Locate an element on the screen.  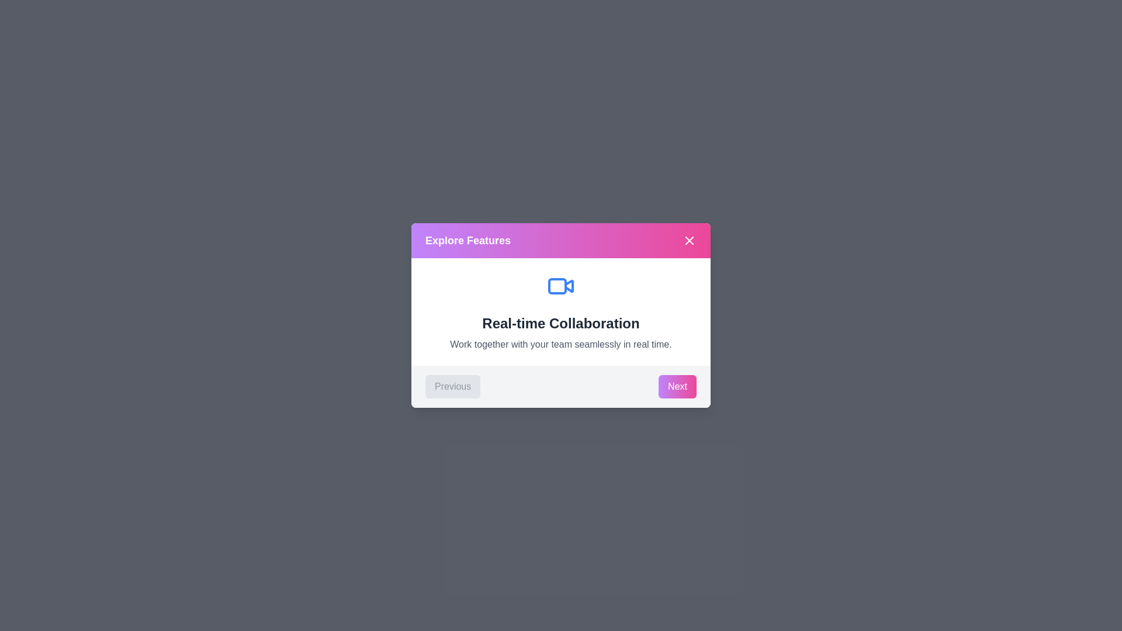
the text block displaying the message 'Work together with your team seamlessly in real time.' which is located in a centrally-aligned modal popup beneath the title 'Real-time Collaboration' is located at coordinates (561, 344).